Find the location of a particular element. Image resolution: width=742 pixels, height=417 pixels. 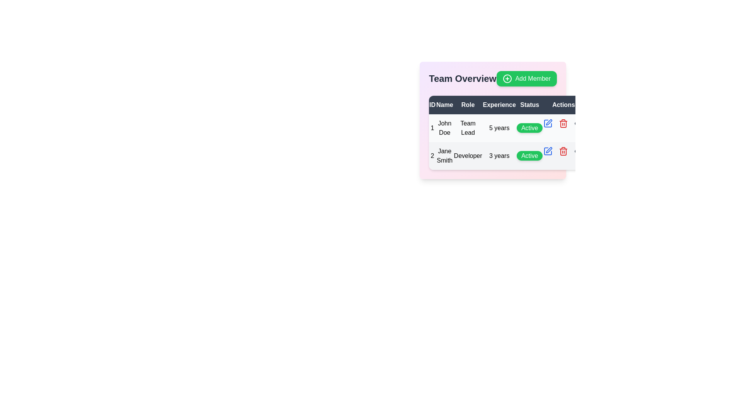

the edit icon associated with the 'Jane Smith' team member is located at coordinates (548, 151).